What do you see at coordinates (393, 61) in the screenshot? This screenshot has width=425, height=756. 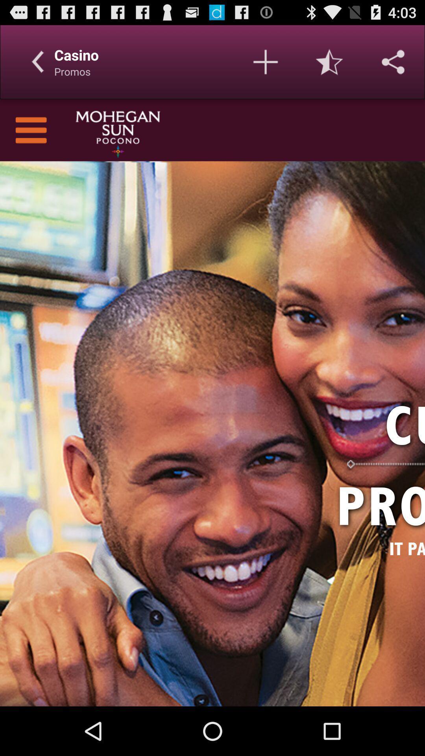 I see `share the article` at bounding box center [393, 61].